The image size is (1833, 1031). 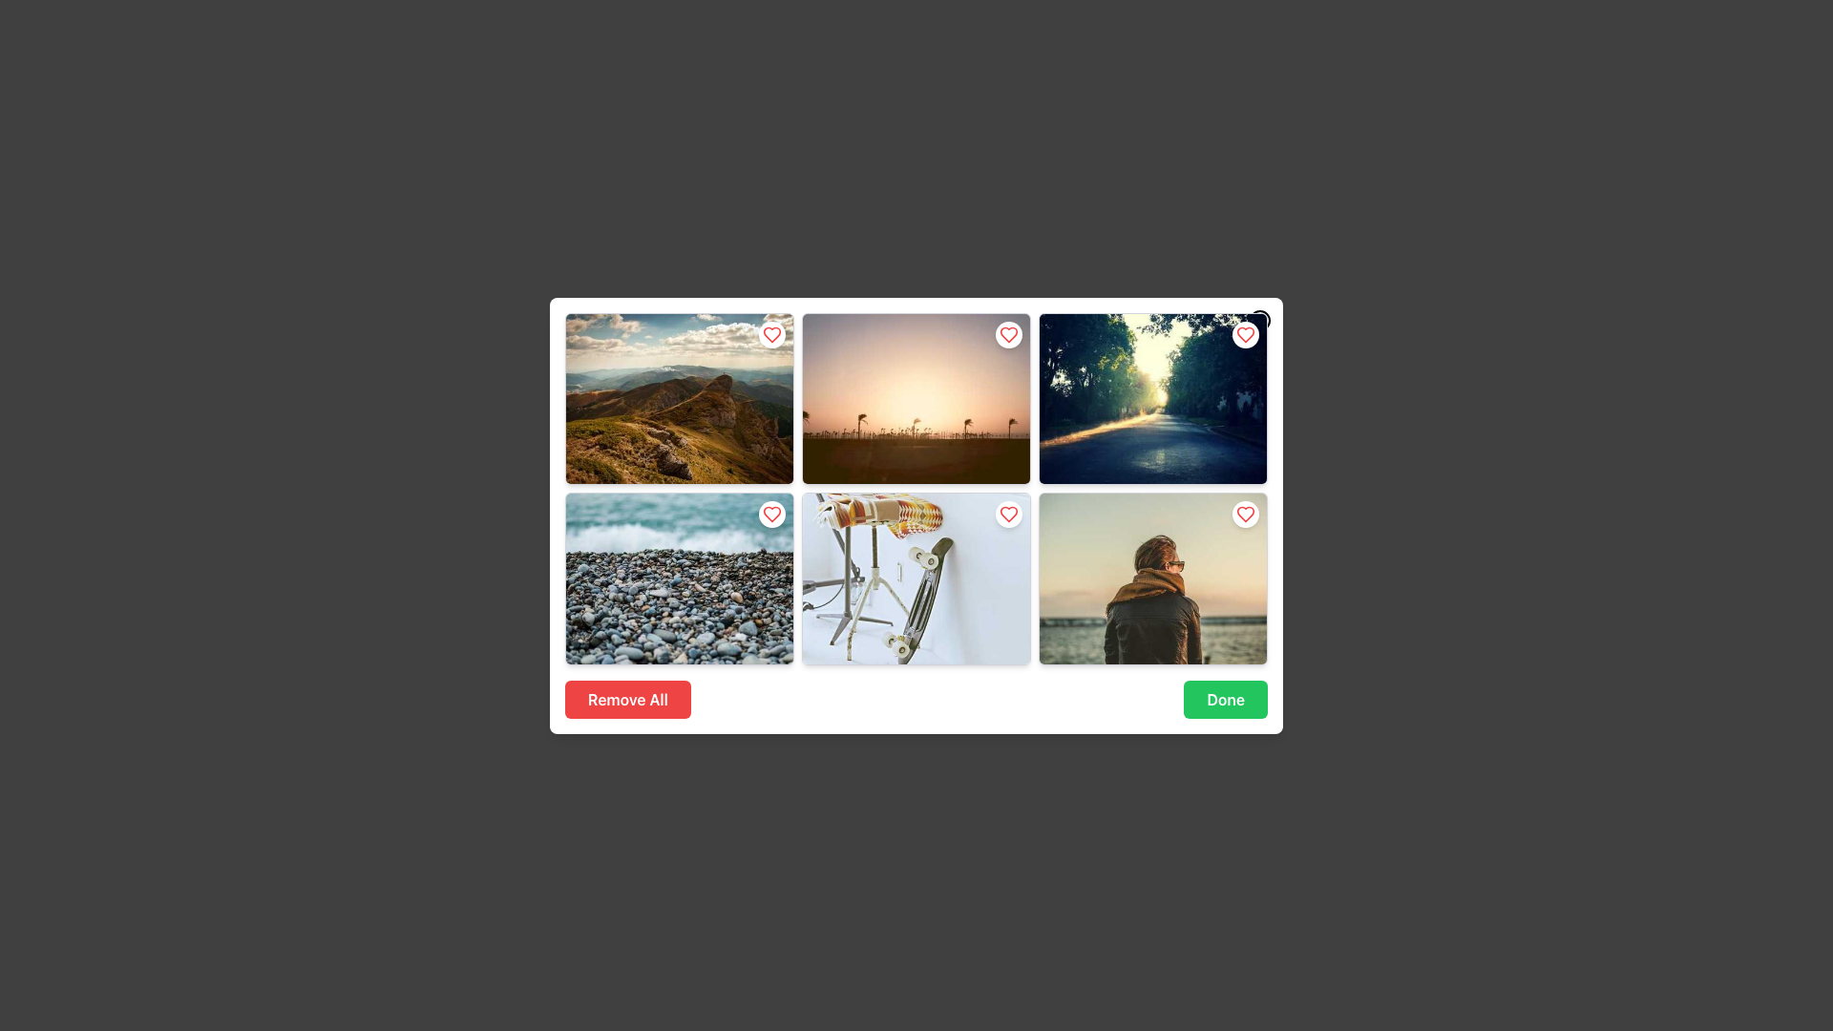 I want to click on the image located in the upper-right corner of the grid layout, specifically in the third column of the first row, to initiate an action based on its selection, so click(x=1152, y=396).